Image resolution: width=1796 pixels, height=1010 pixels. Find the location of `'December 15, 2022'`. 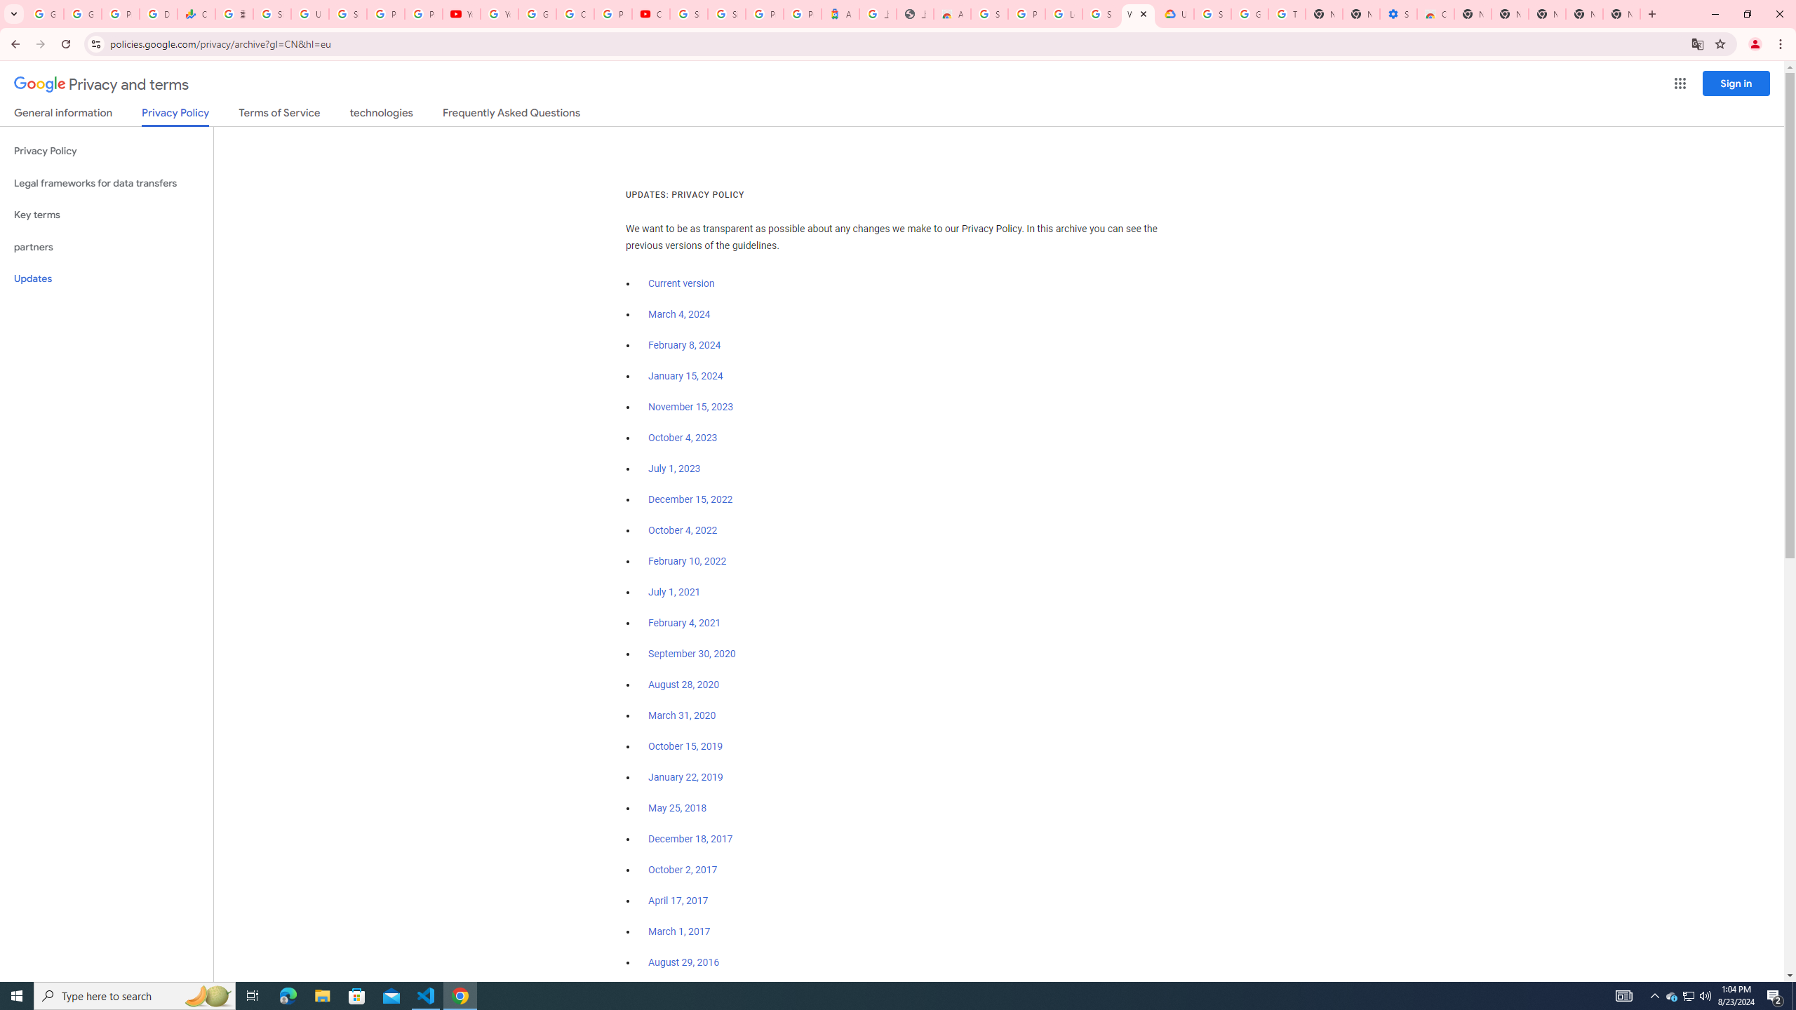

'December 15, 2022' is located at coordinates (690, 499).